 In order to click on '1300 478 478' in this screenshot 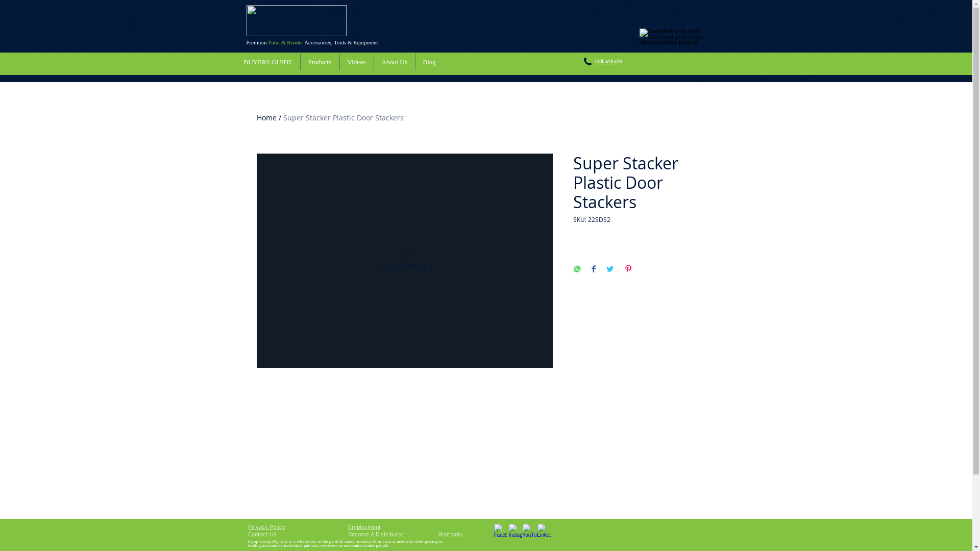, I will do `click(607, 62)`.